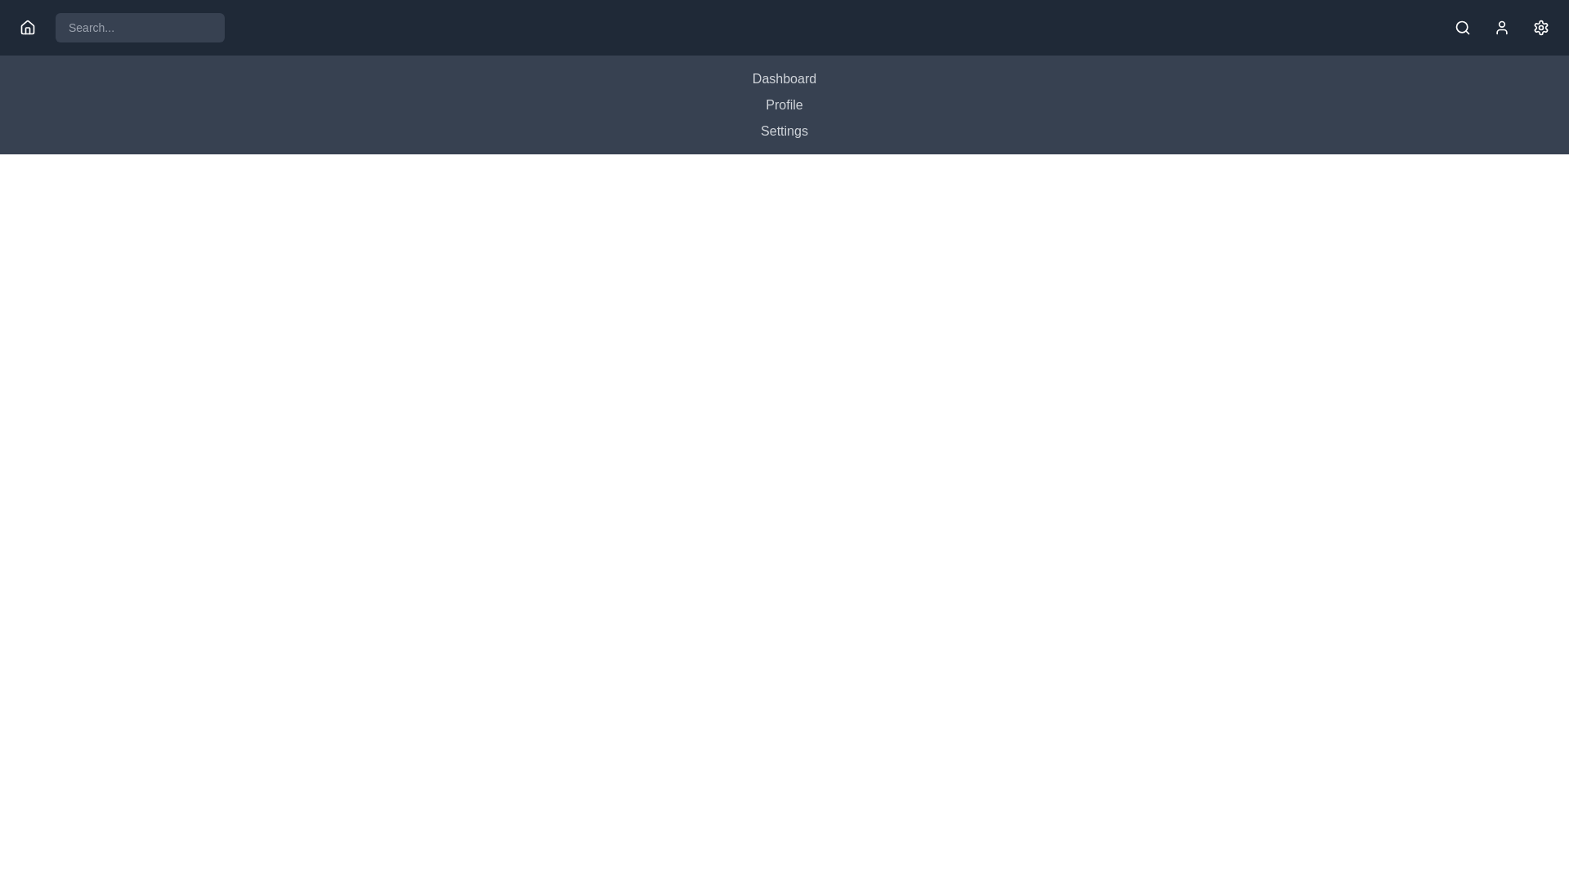 Image resolution: width=1569 pixels, height=882 pixels. What do you see at coordinates (1502, 28) in the screenshot?
I see `the user profile SVG icon located in the top right corner of the header section` at bounding box center [1502, 28].